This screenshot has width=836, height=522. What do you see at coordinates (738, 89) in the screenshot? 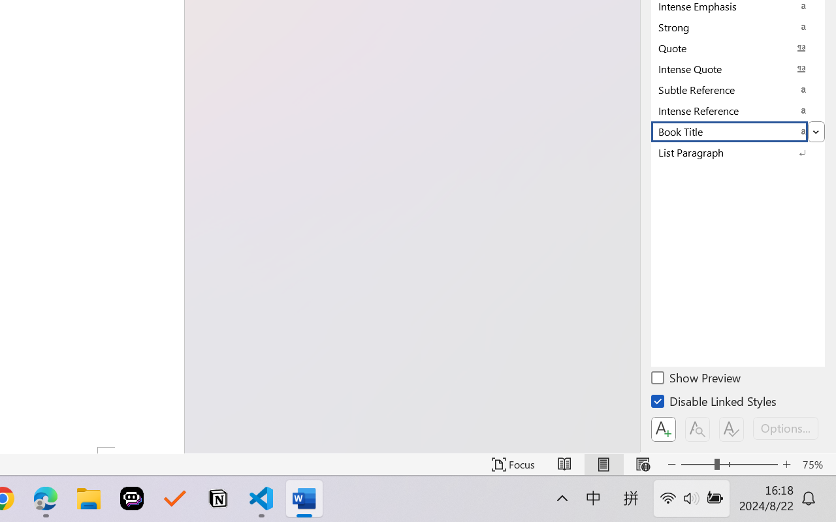
I see `'Subtle Reference'` at bounding box center [738, 89].